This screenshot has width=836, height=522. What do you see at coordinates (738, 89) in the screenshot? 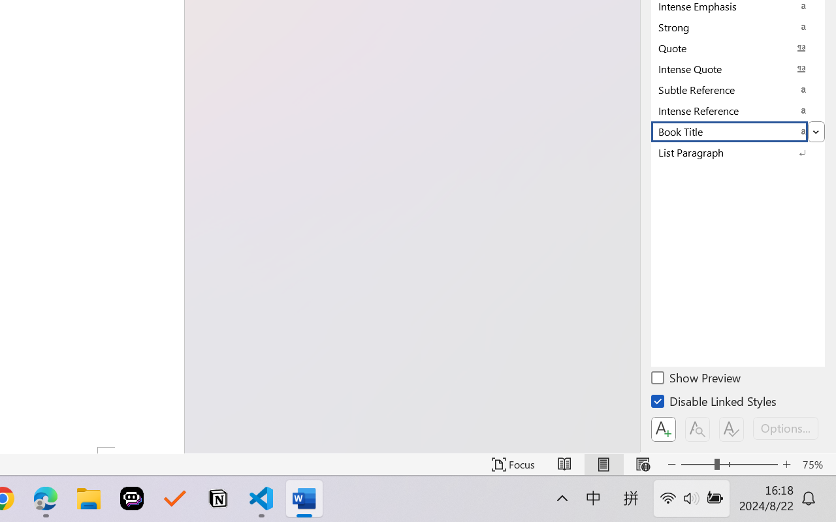
I see `'Subtle Reference'` at bounding box center [738, 89].